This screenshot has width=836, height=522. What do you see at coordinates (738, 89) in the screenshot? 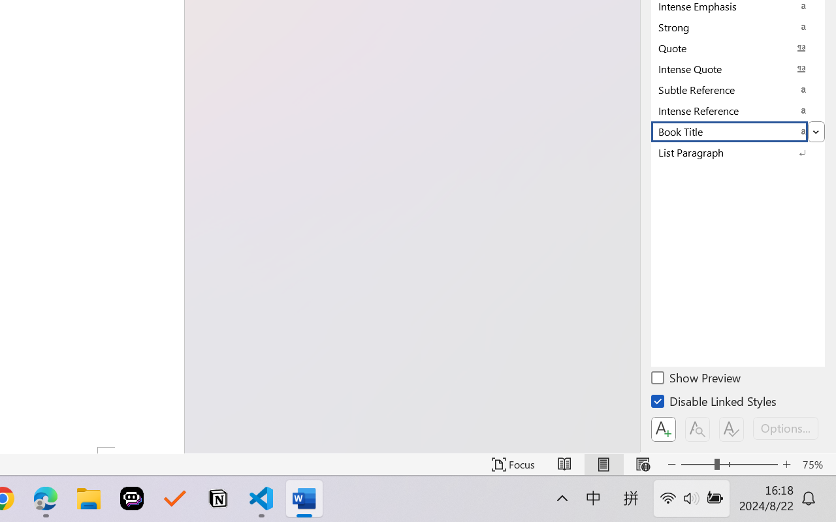
I see `'Subtle Reference'` at bounding box center [738, 89].